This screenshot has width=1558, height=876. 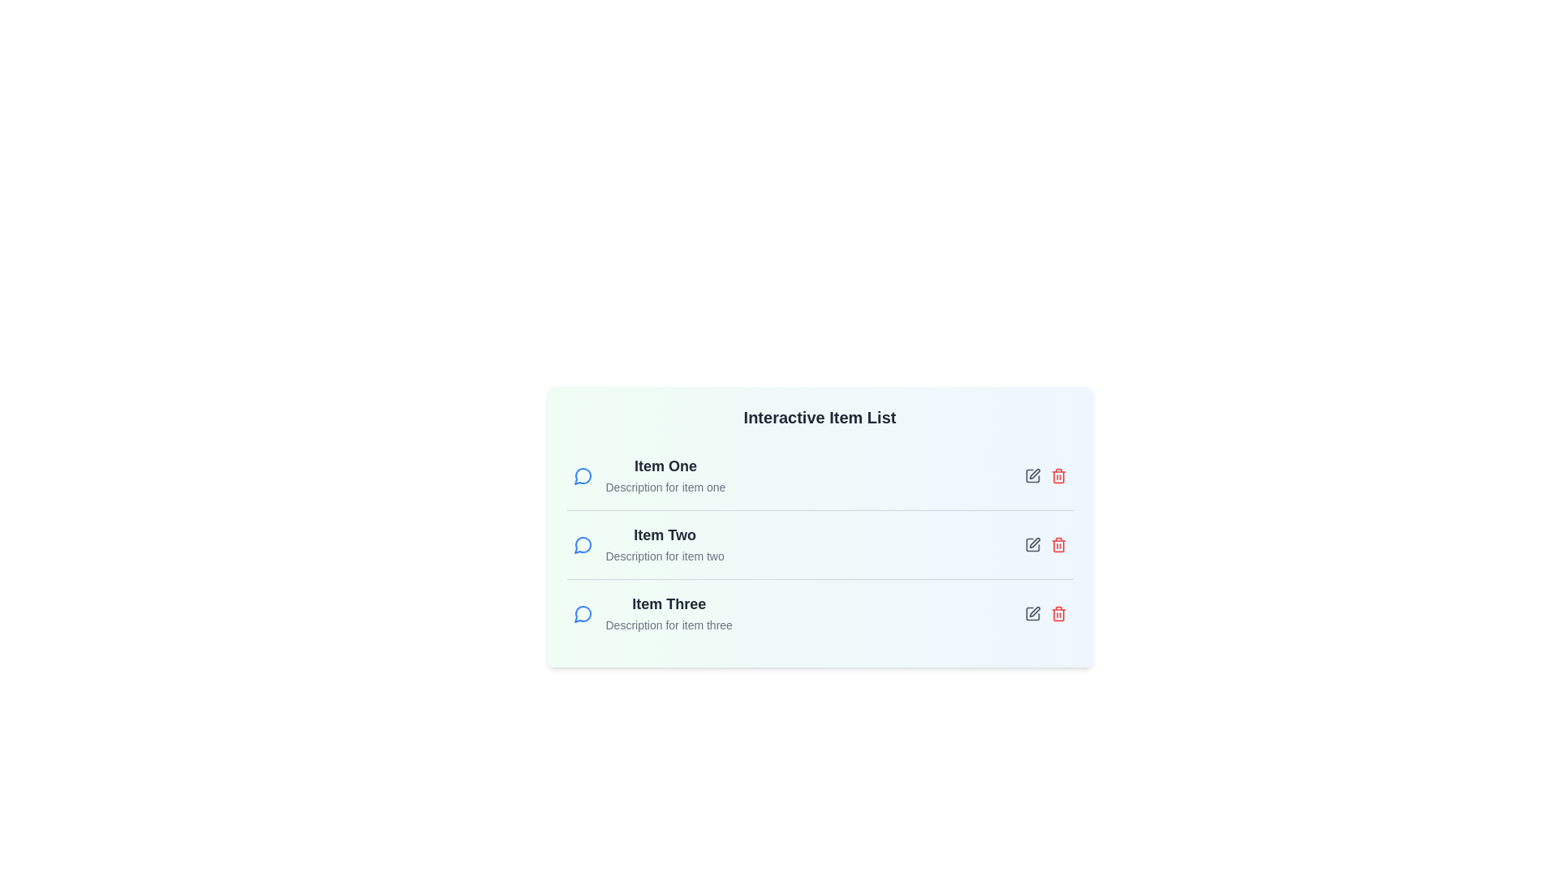 What do you see at coordinates (820, 417) in the screenshot?
I see `the heading of the list to interact with it` at bounding box center [820, 417].